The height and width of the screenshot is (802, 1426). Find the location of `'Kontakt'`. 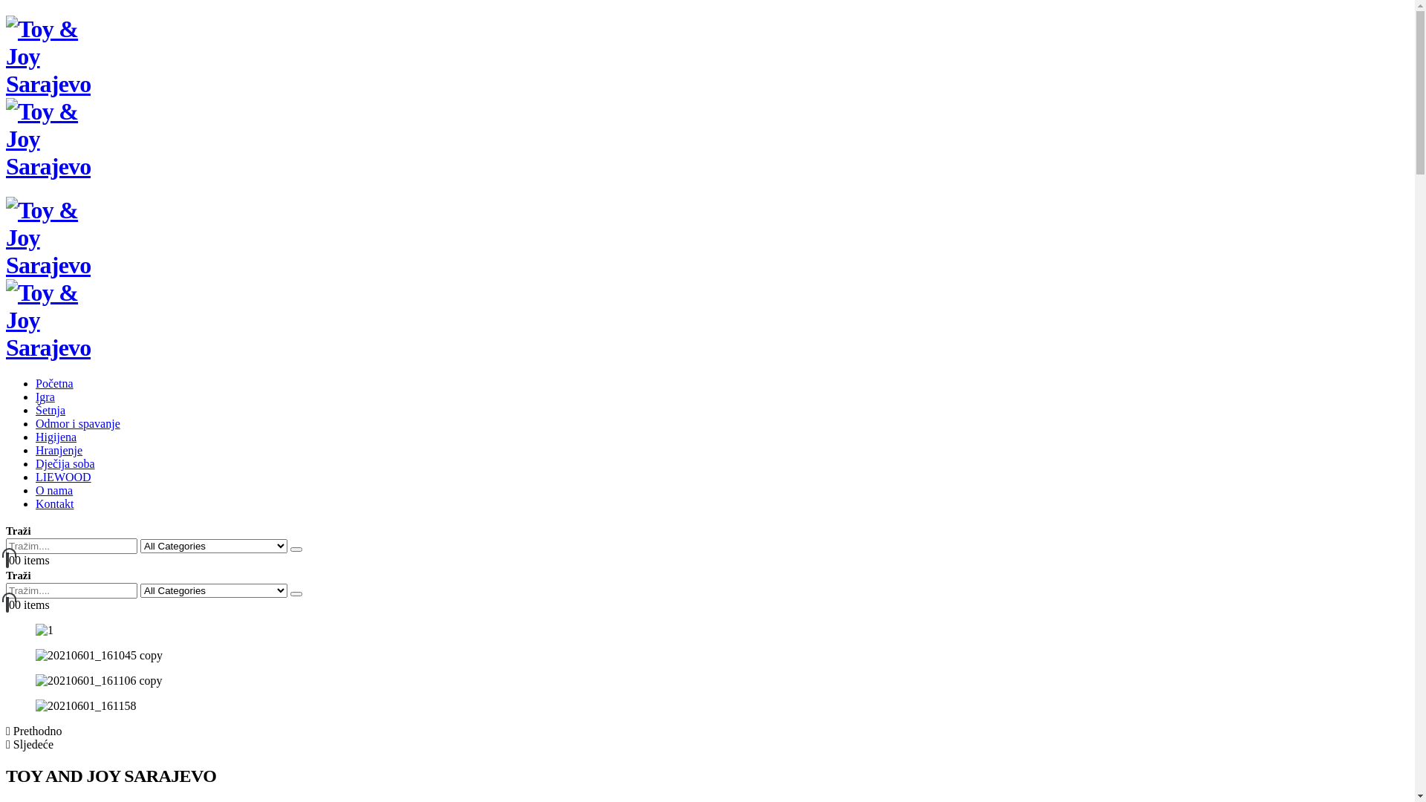

'Kontakt' is located at coordinates (54, 503).